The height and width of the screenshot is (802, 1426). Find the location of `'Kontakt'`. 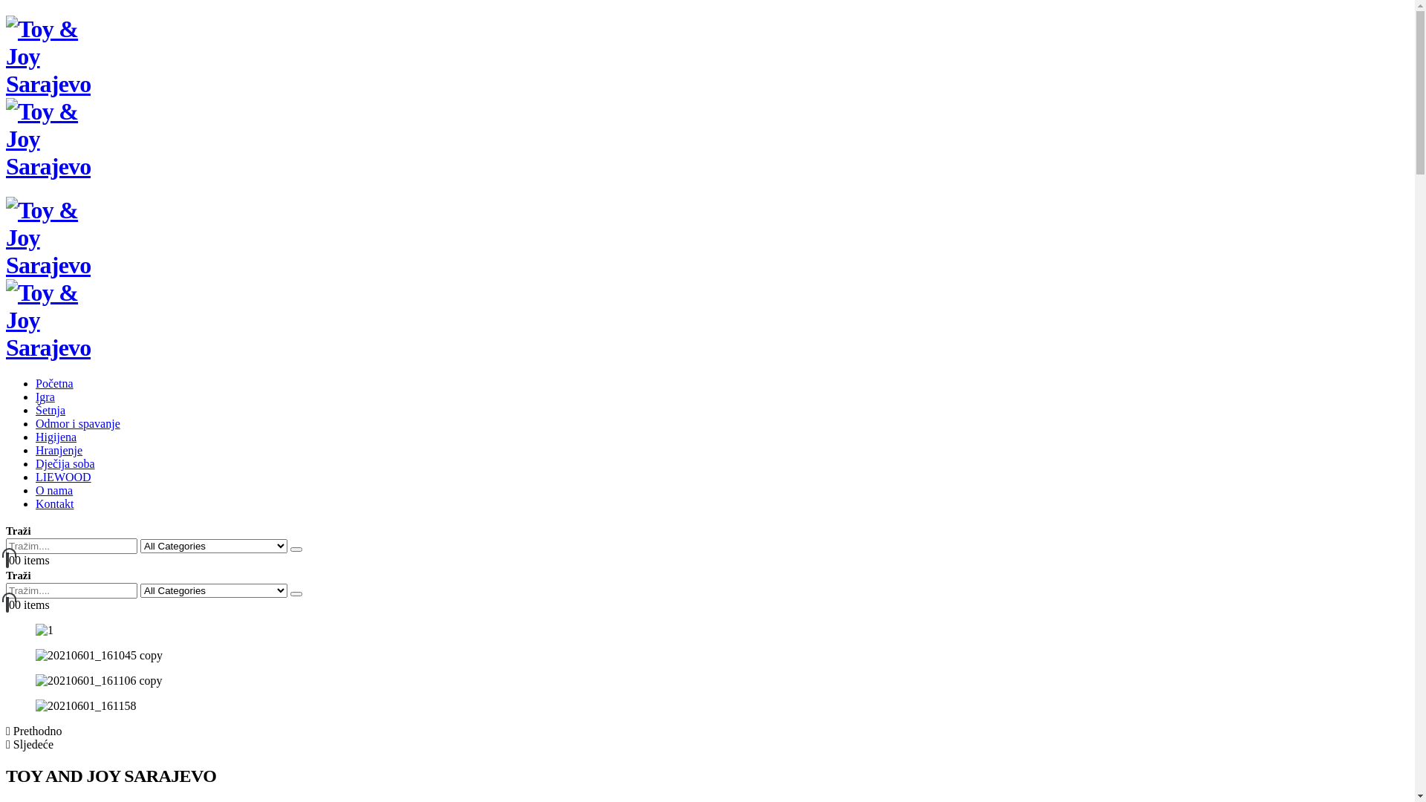

'Kontakt' is located at coordinates (54, 503).